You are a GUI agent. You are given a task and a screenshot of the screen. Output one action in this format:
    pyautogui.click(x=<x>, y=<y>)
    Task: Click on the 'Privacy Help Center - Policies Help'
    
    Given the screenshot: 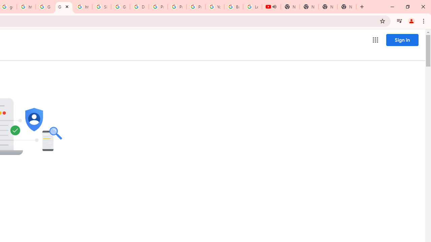 What is the action you would take?
    pyautogui.click(x=158, y=7)
    